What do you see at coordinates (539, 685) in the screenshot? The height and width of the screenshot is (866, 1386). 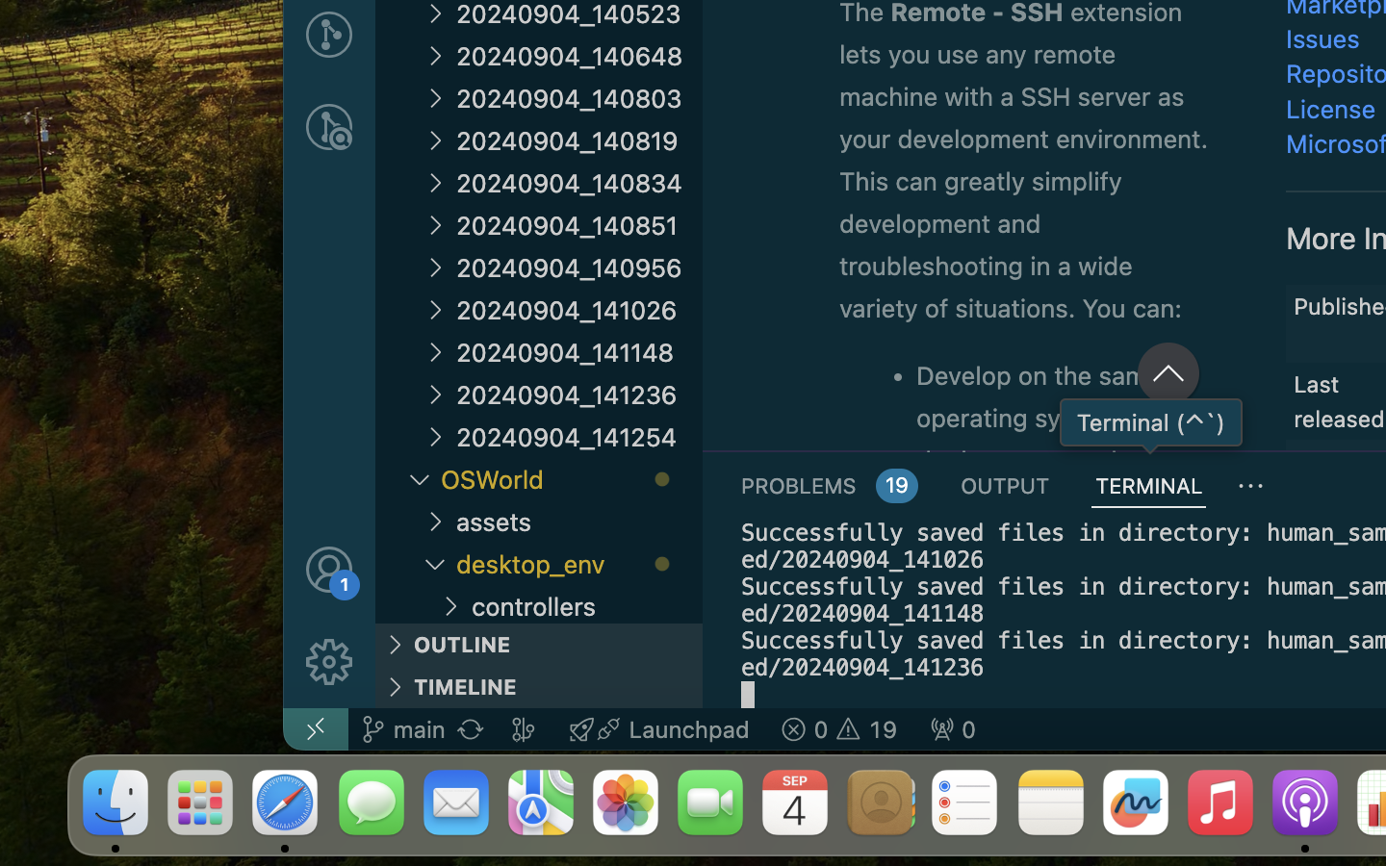 I see `'TIMELINE '` at bounding box center [539, 685].